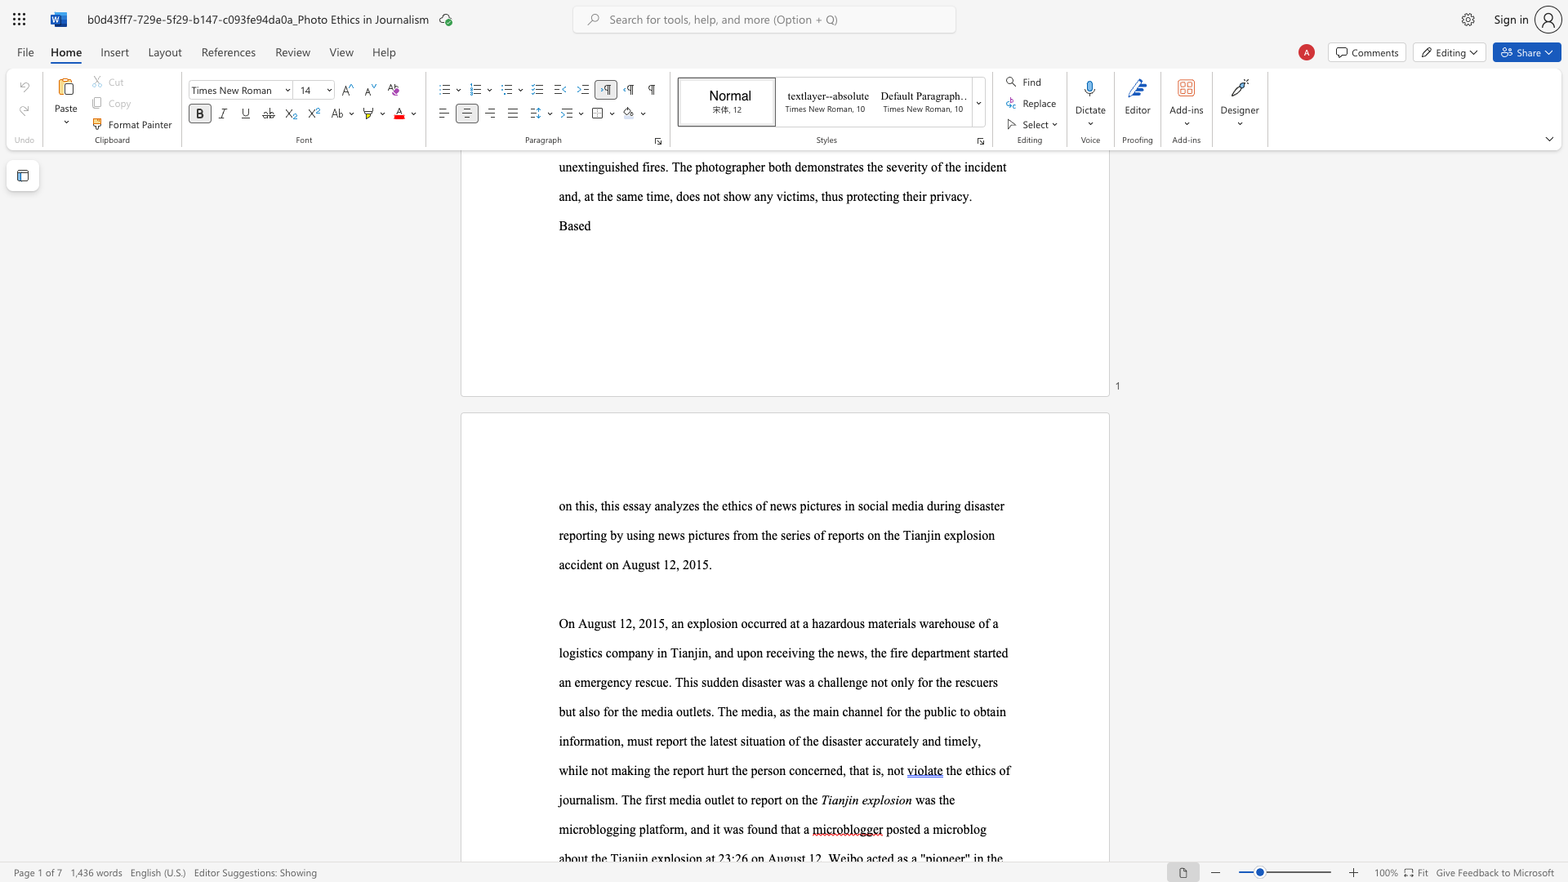  What do you see at coordinates (898, 799) in the screenshot?
I see `the subset text "on" within the text "Tianjin explosion"` at bounding box center [898, 799].